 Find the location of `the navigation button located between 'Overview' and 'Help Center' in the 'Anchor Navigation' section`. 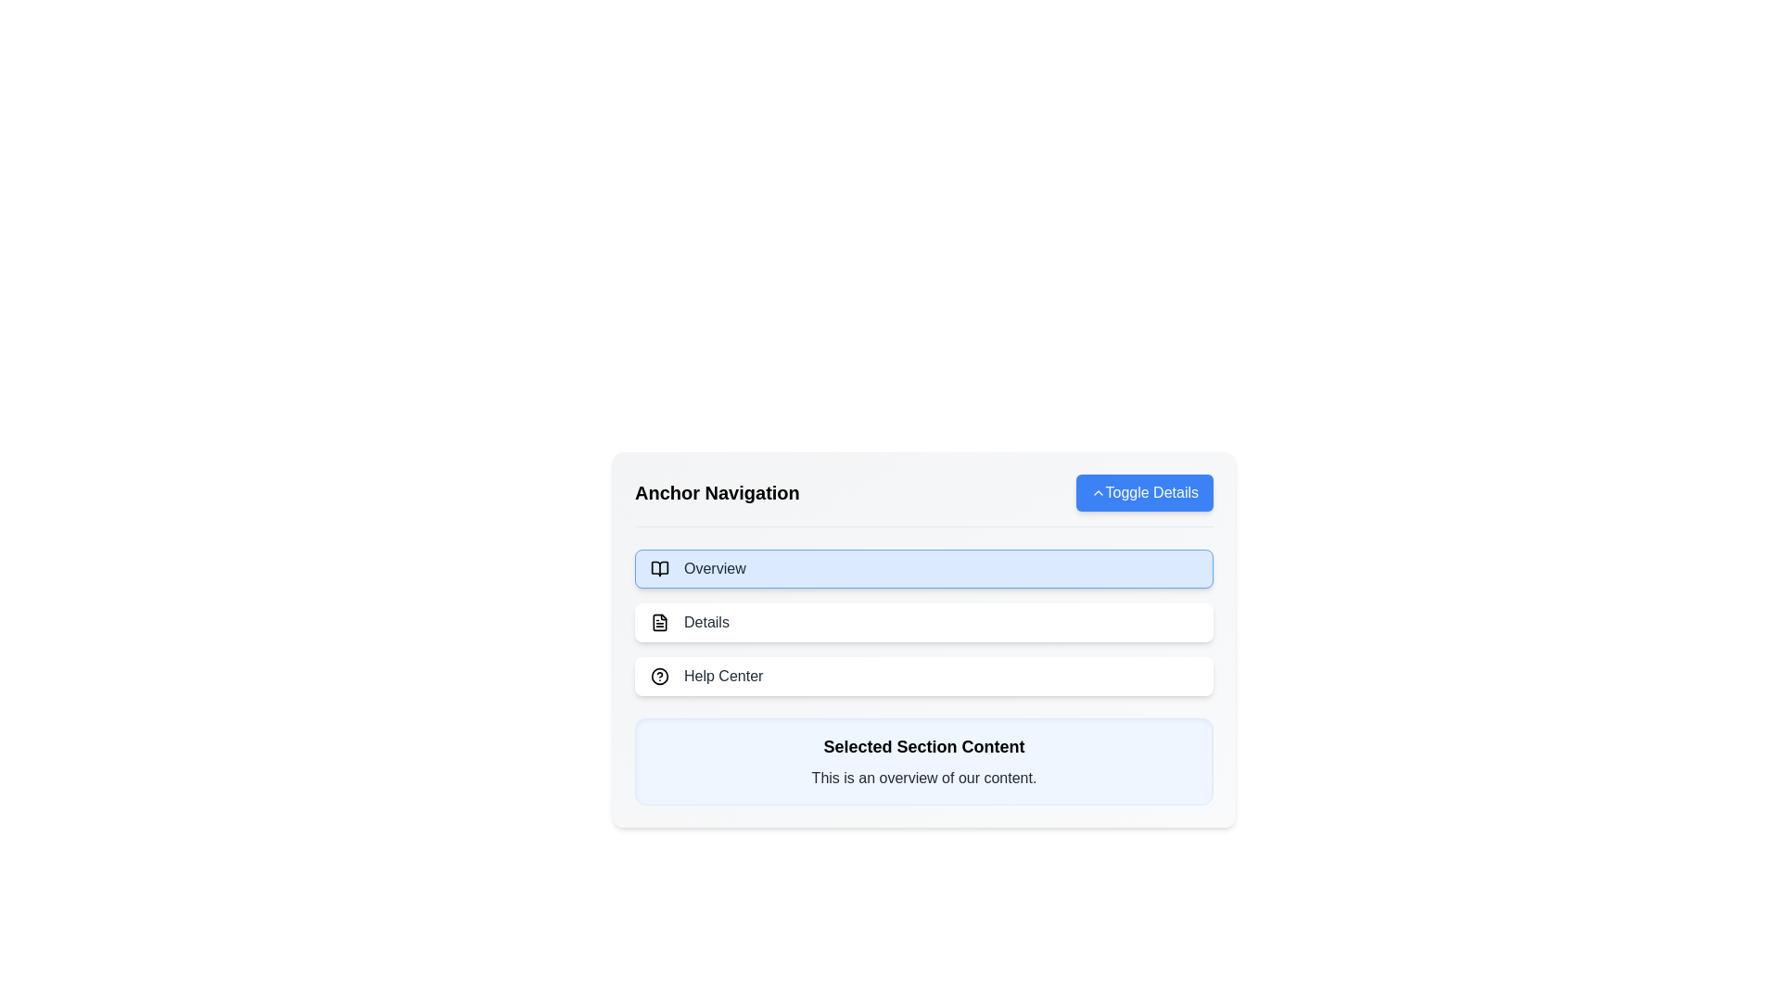

the navigation button located between 'Overview' and 'Help Center' in the 'Anchor Navigation' section is located at coordinates (924, 622).